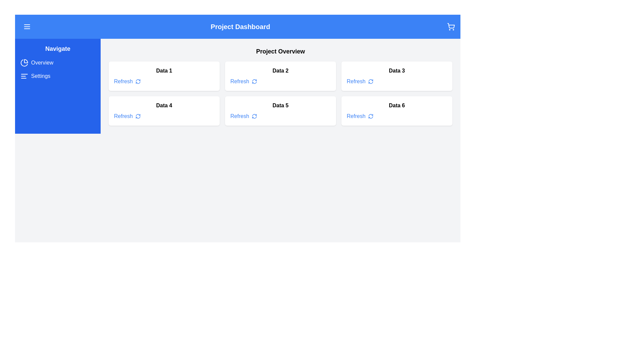  What do you see at coordinates (359, 116) in the screenshot?
I see `the 'Refresh' button, which is styled with blue text and a refresh icon, located below the 'Data 6' title in the sixth data item section` at bounding box center [359, 116].